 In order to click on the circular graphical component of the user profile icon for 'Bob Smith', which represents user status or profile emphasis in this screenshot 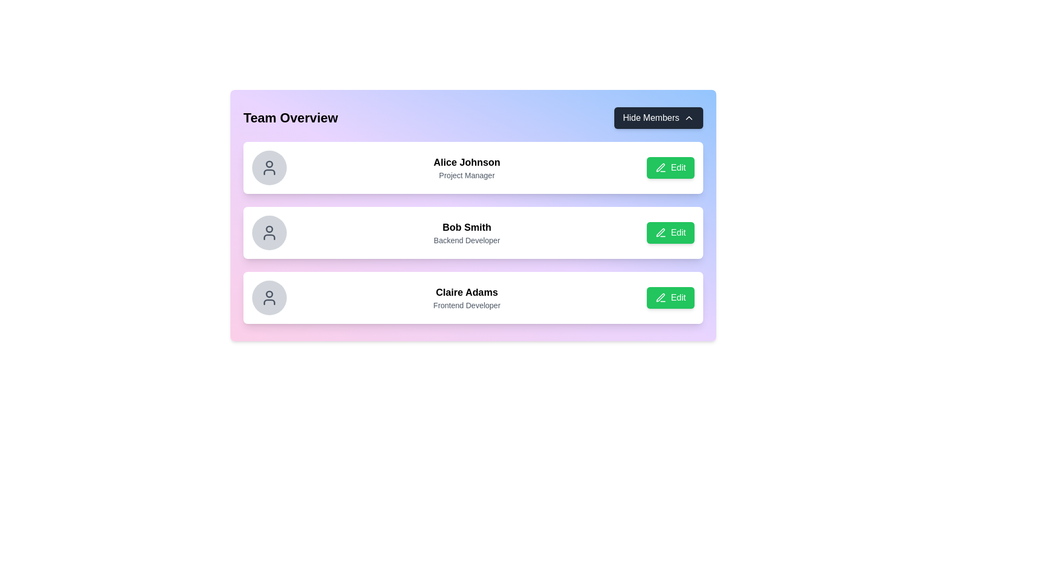, I will do `click(269, 229)`.